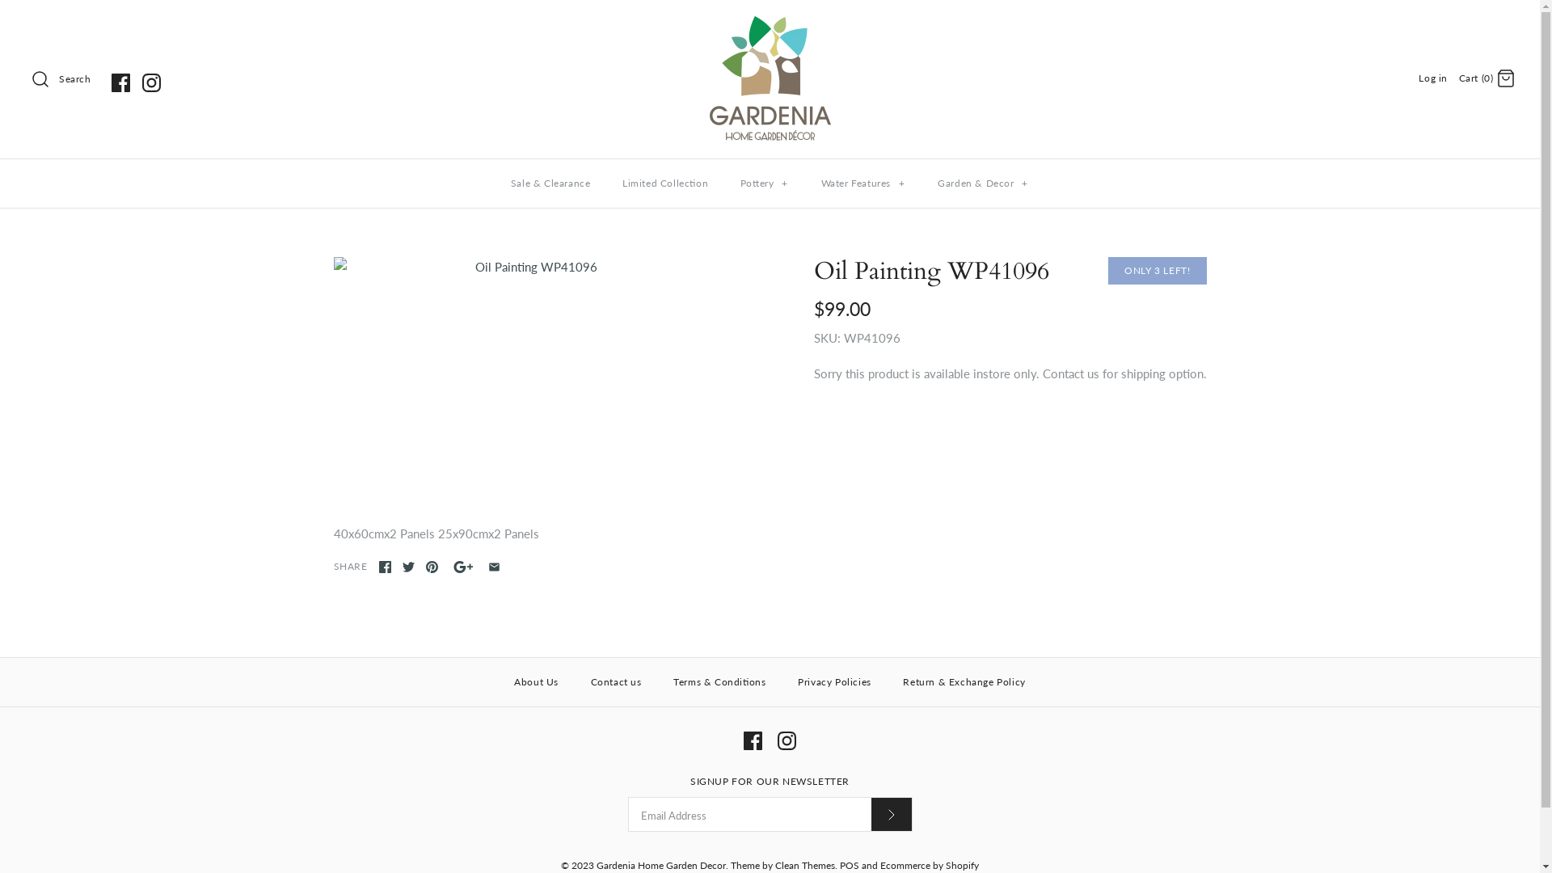  What do you see at coordinates (615, 682) in the screenshot?
I see `'Contact us'` at bounding box center [615, 682].